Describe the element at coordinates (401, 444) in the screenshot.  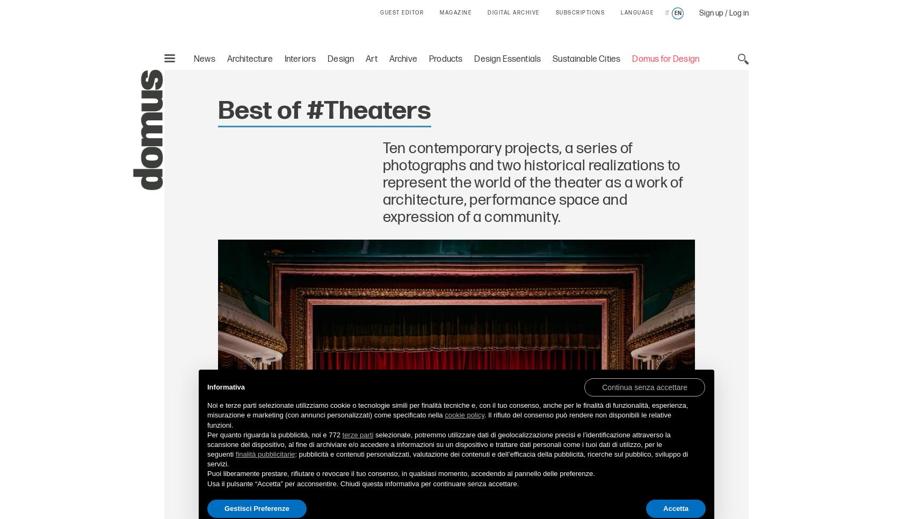
I see `'archiviare e/o accedere a informazioni su un dispositivo'` at that location.